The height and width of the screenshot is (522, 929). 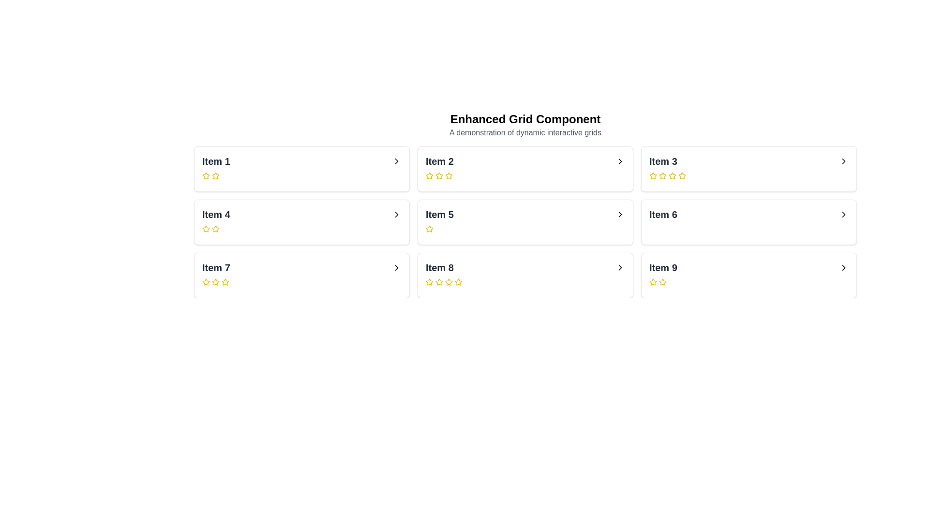 I want to click on the second star icon, so click(x=225, y=282).